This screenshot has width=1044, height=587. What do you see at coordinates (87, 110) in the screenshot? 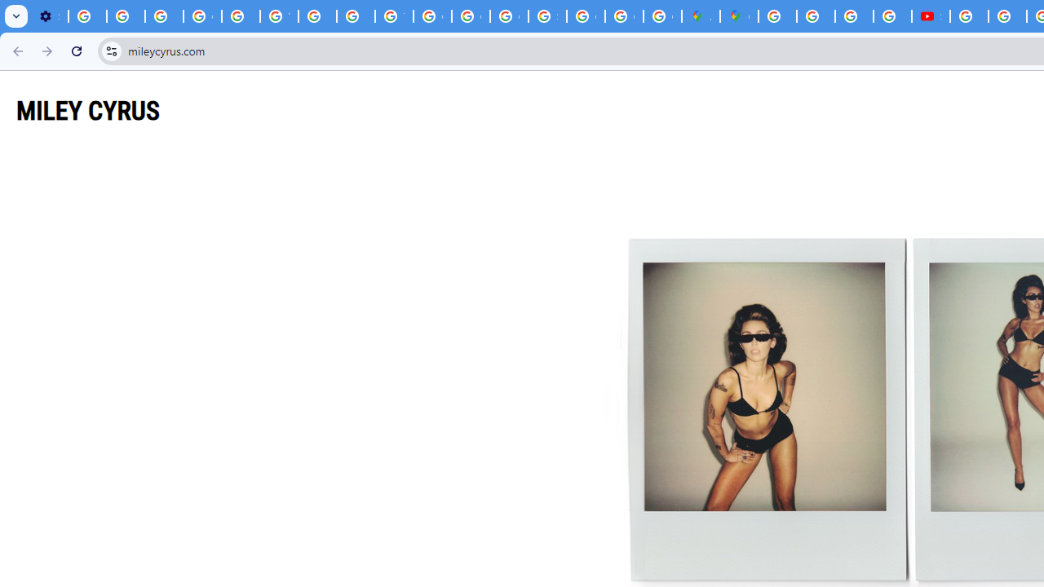
I see `'MILEY CYRUS'` at bounding box center [87, 110].